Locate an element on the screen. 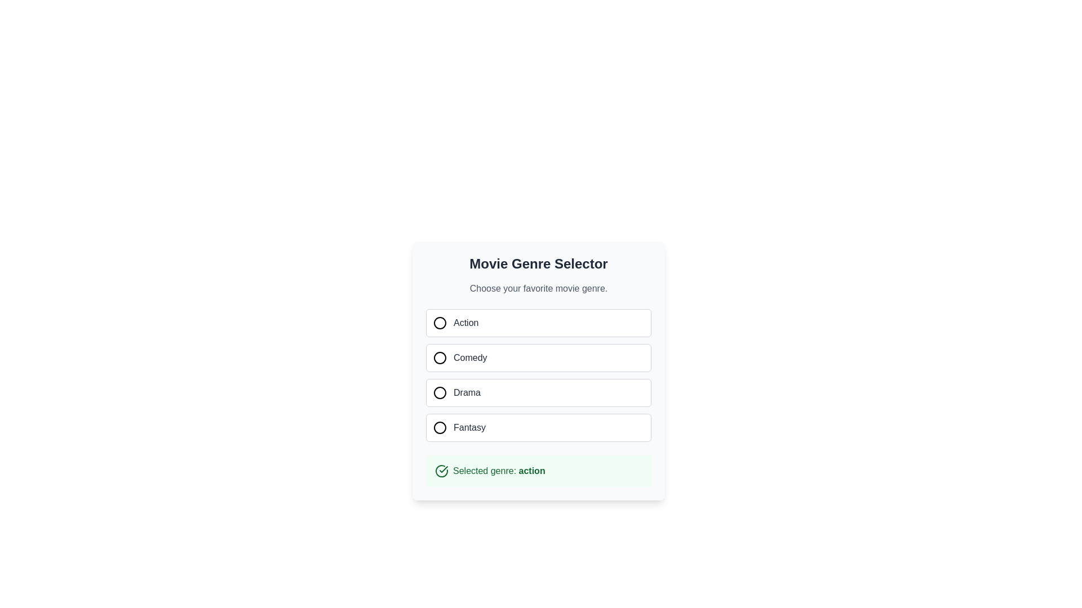  the radio button associated with the 'Action' movie genre label located under the 'Movie Genre Selector' title is located at coordinates (456, 323).